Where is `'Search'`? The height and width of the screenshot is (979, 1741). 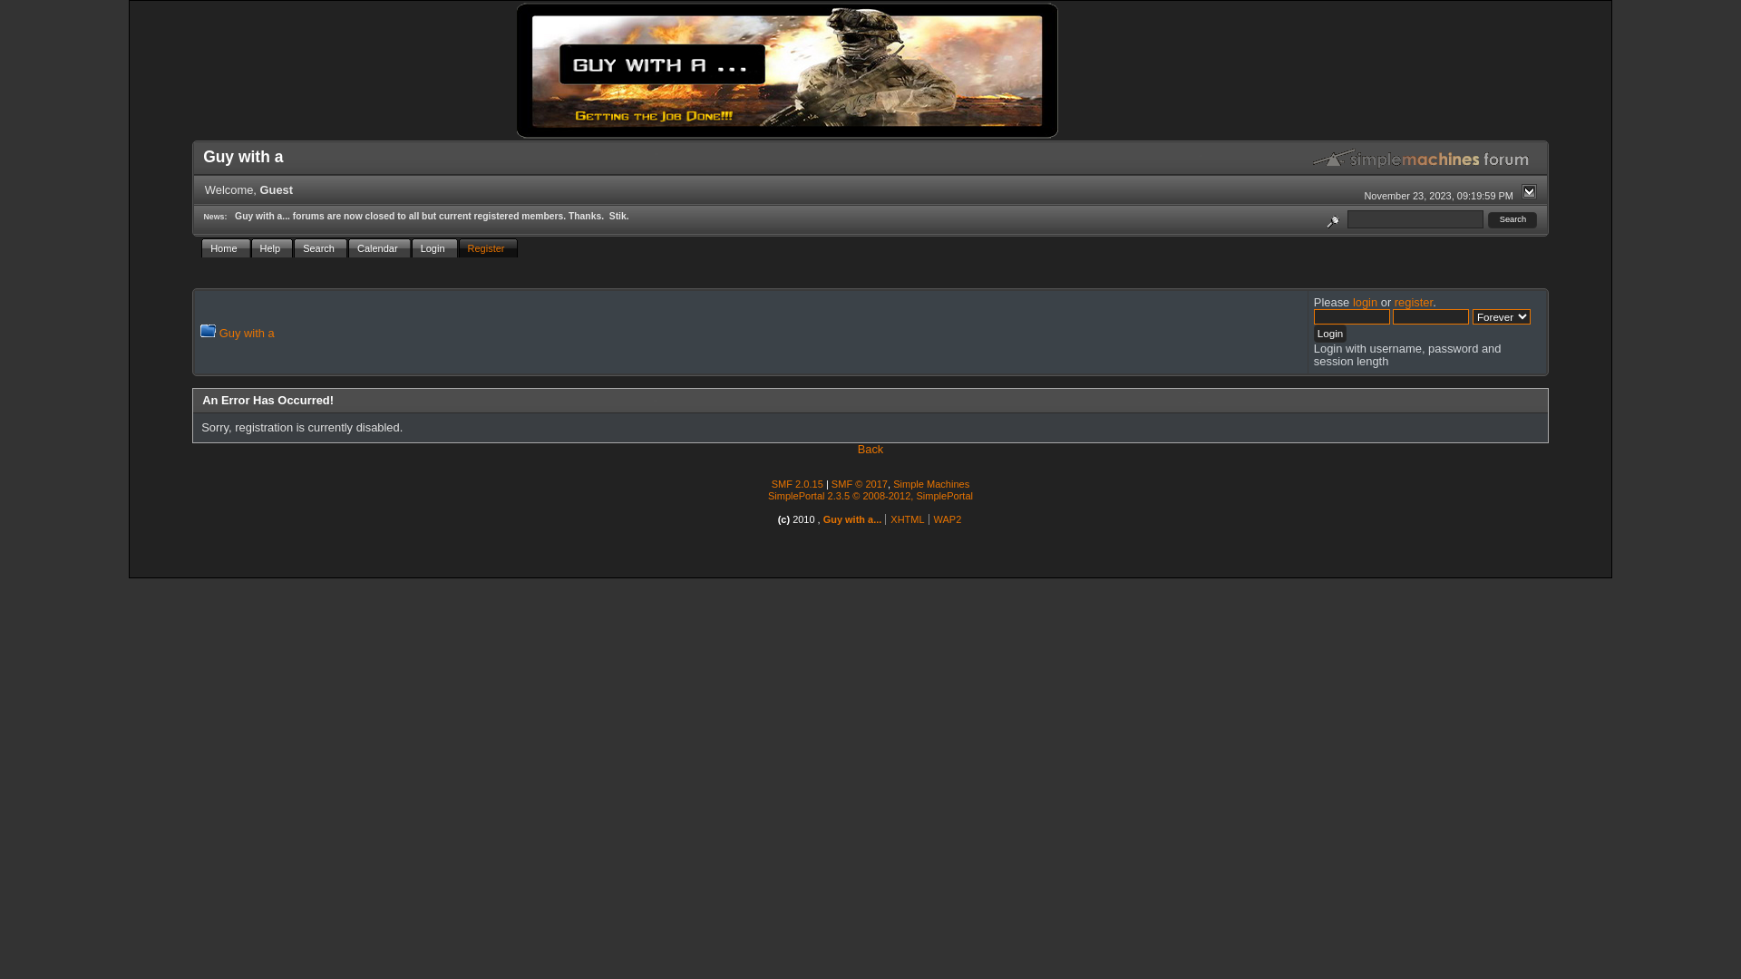 'Search' is located at coordinates (294, 247).